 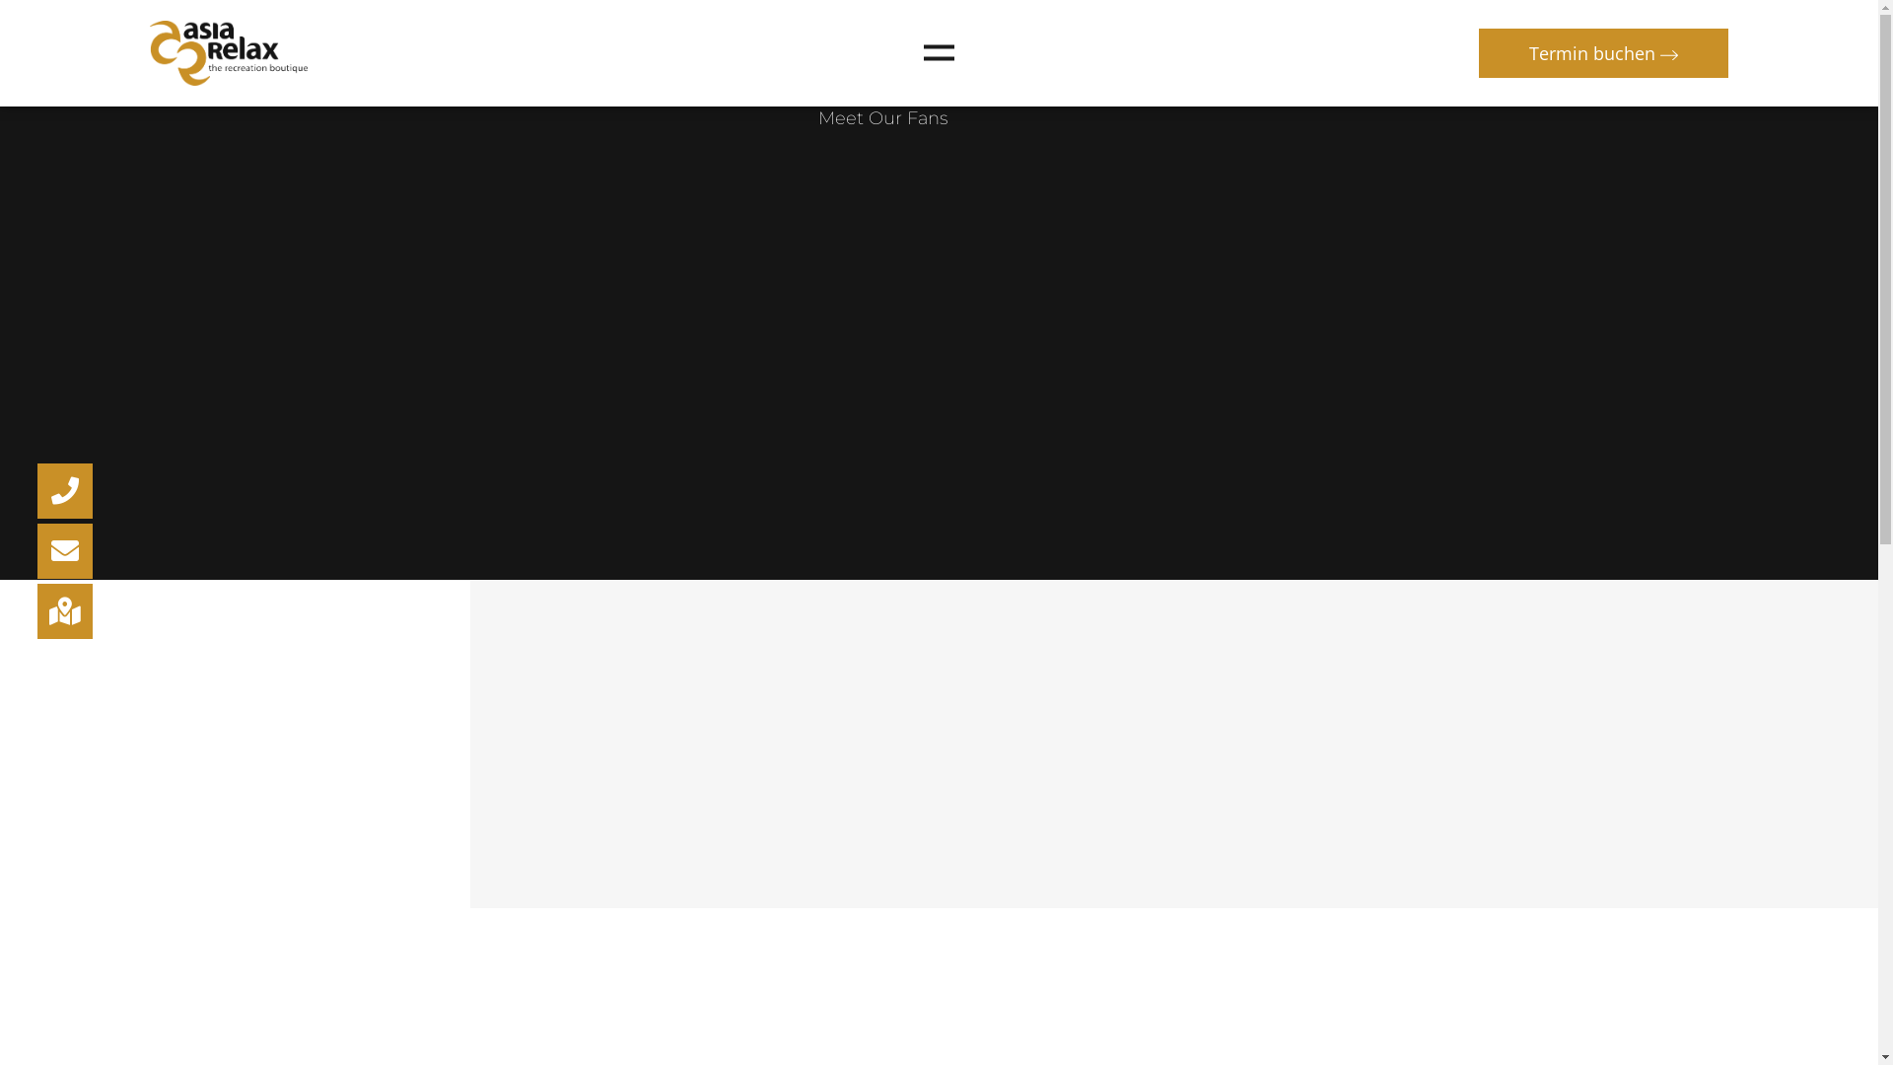 I want to click on 'Termin buchen', so click(x=1603, y=52).